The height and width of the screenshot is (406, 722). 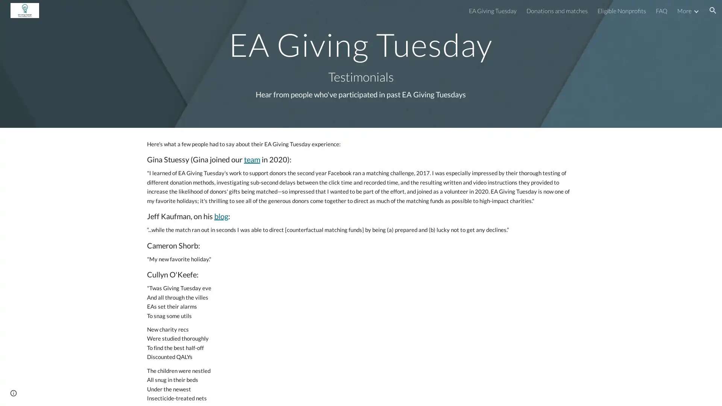 I want to click on Report abuse, so click(x=37, y=392).